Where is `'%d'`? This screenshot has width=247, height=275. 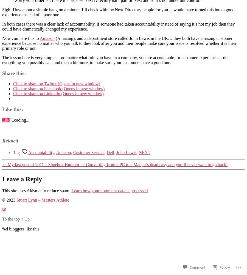 '%d' is located at coordinates (5, 228).